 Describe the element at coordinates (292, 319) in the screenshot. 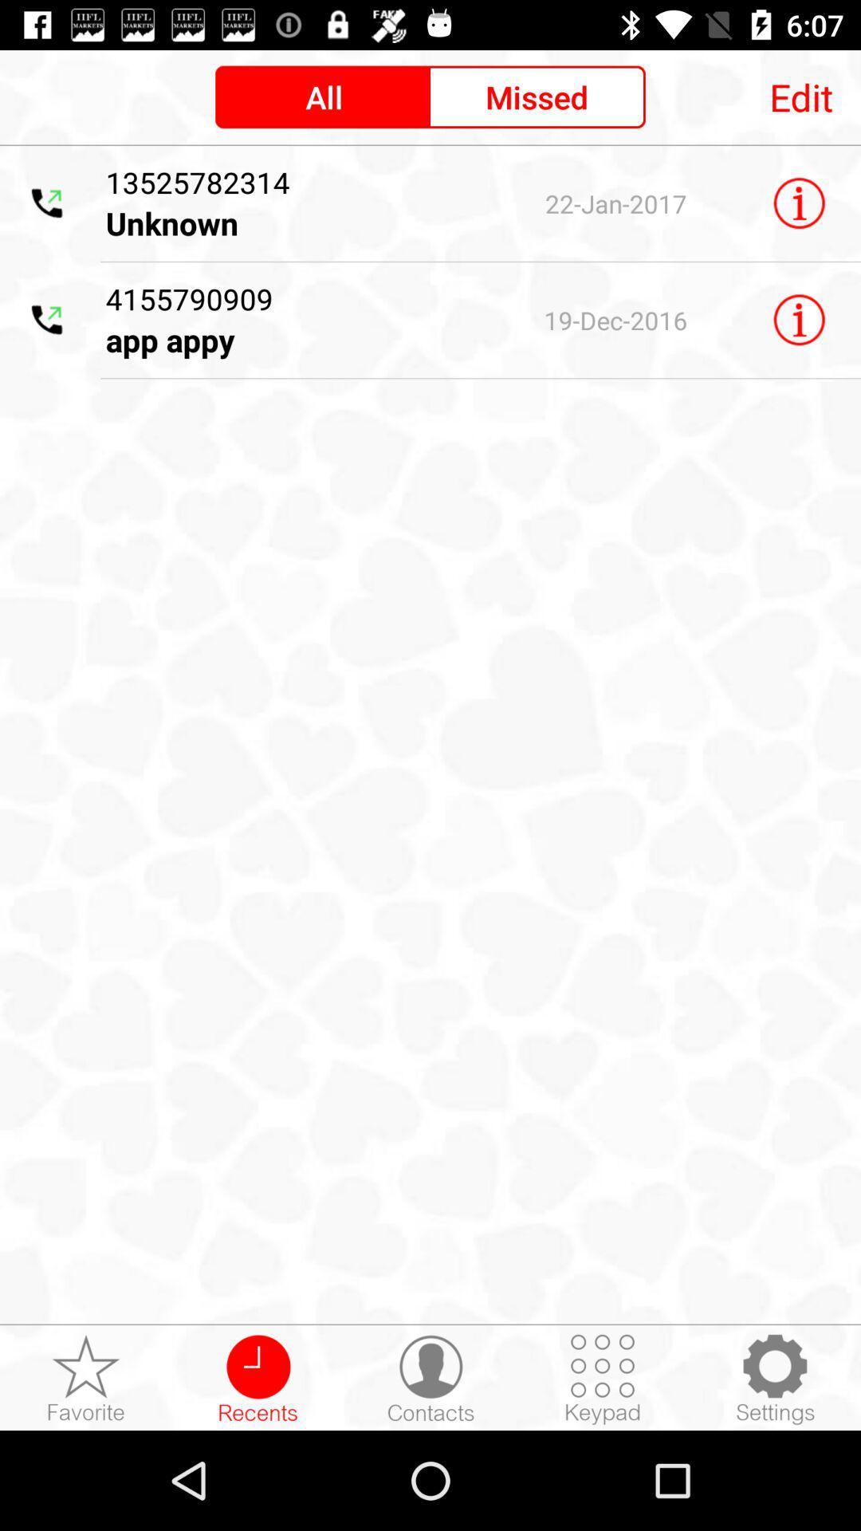

I see `second option right to second call icon` at that location.